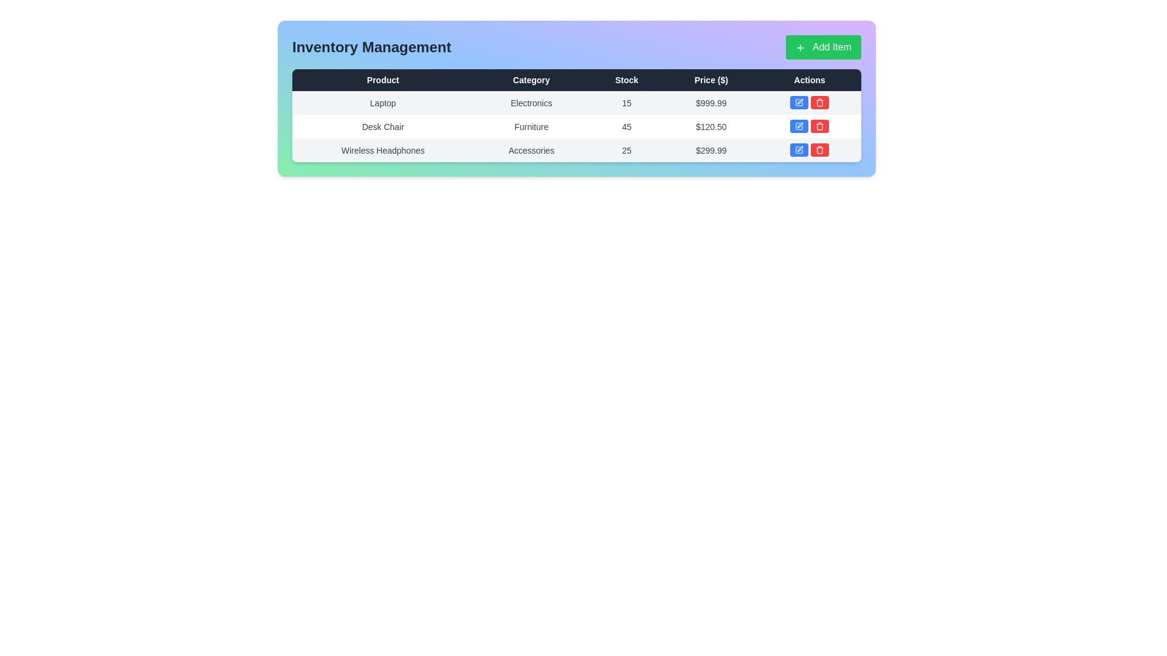  What do you see at coordinates (810, 149) in the screenshot?
I see `the red delete button in the action controls for the inventory item labeled 'Wireless Headphones' located in the last row of the table under the 'Actions' column` at bounding box center [810, 149].